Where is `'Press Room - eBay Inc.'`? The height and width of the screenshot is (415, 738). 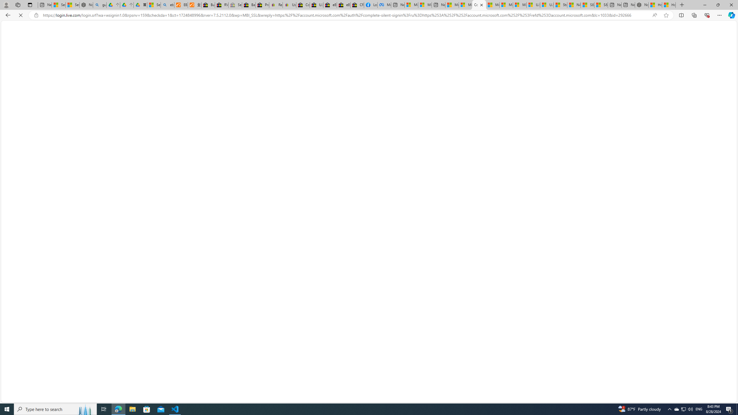
'Press Room - eBay Inc.' is located at coordinates (262, 5).